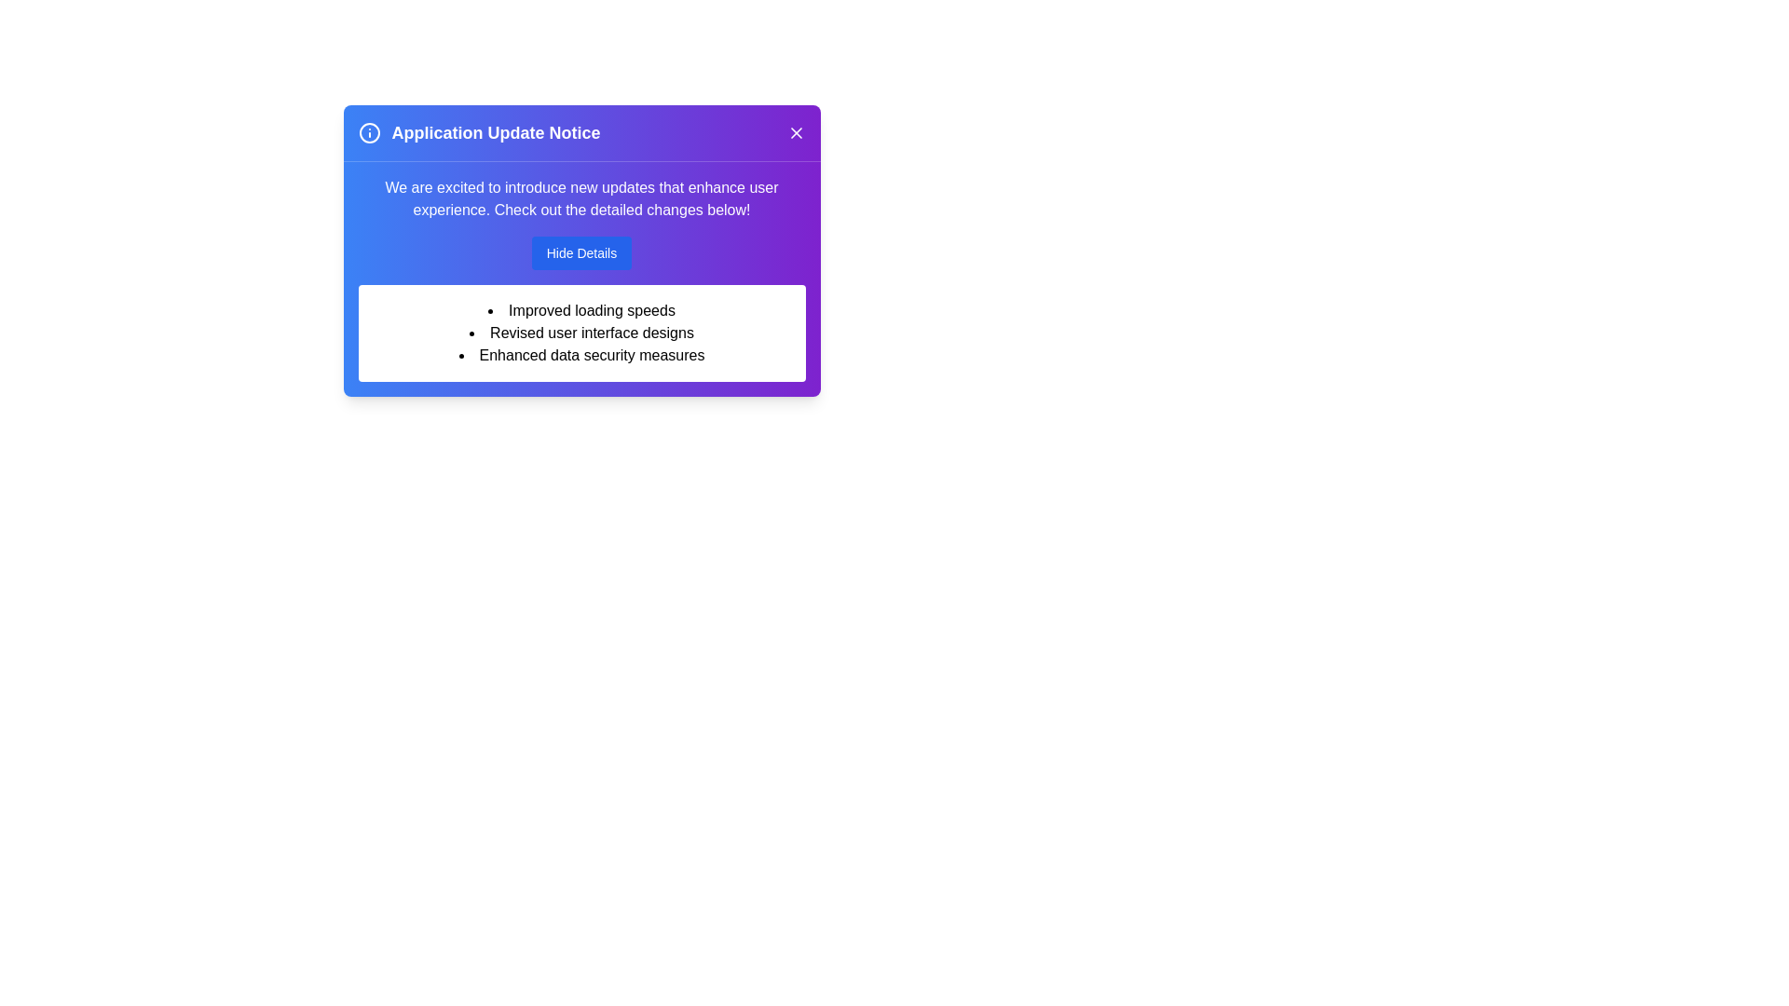 Image resolution: width=1789 pixels, height=1006 pixels. Describe the element at coordinates (796, 131) in the screenshot. I see `the close button to close the alert panel` at that location.